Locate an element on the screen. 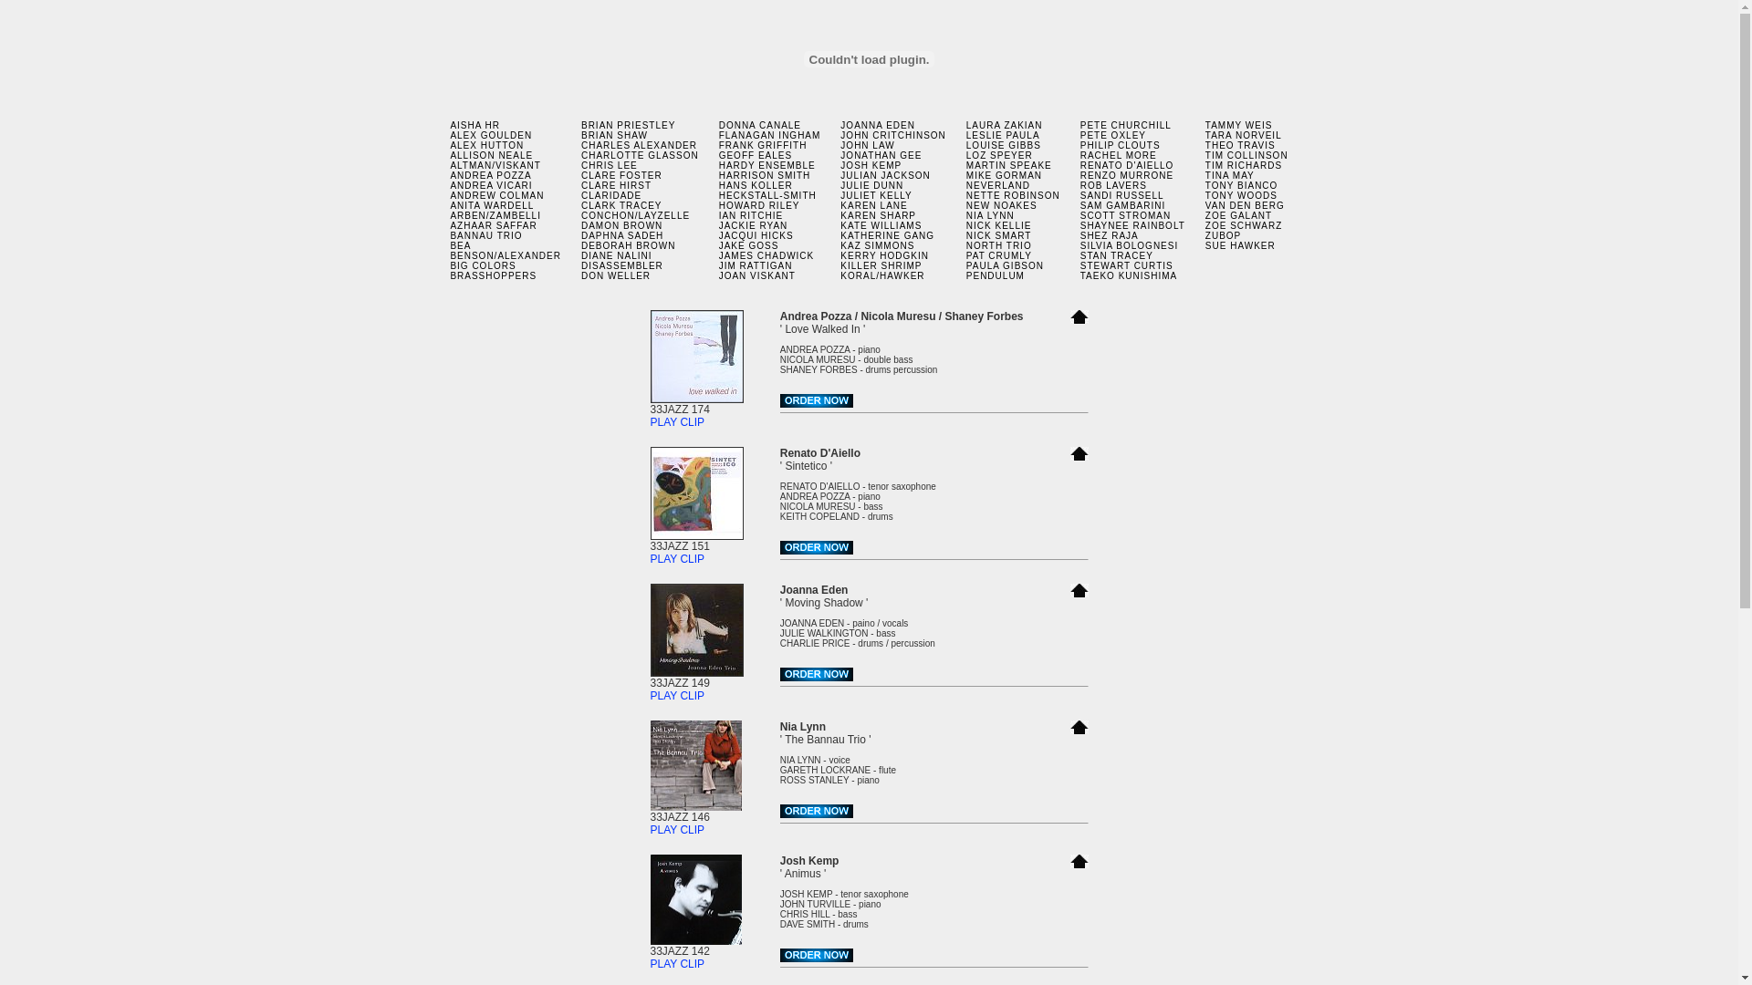  'SANDI RUSSELL' is located at coordinates (1121, 195).